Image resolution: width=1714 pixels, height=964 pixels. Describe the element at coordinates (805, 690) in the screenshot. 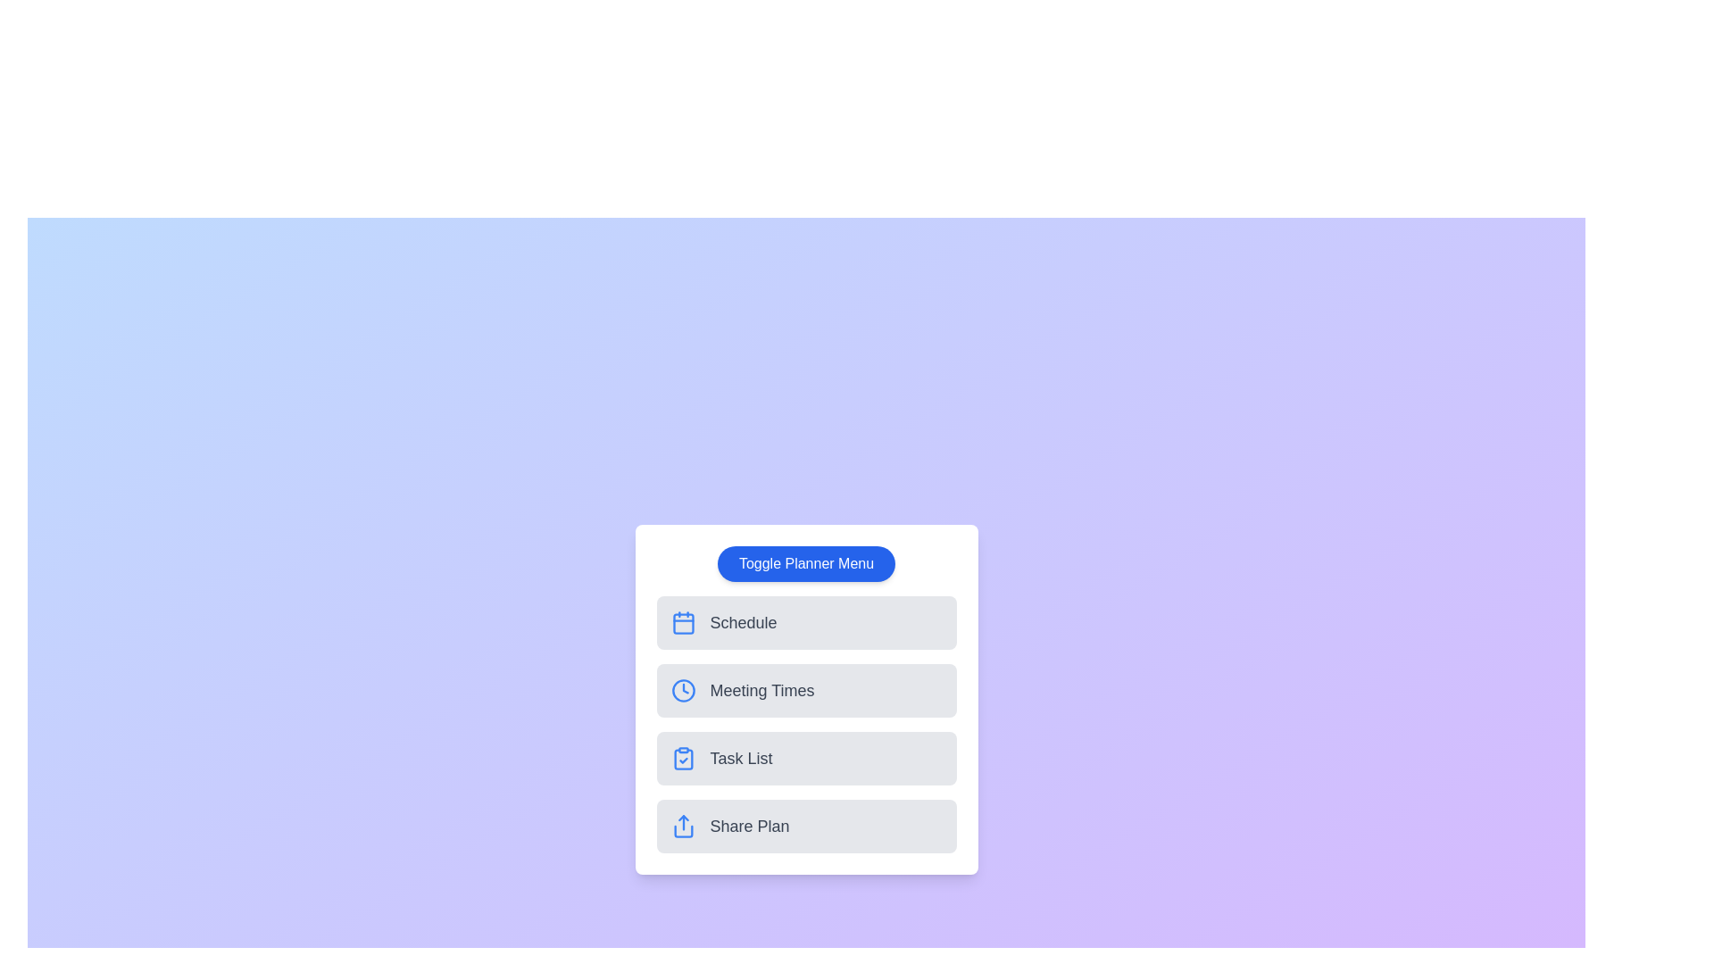

I see `the planner option Meeting Times from the menu` at that location.